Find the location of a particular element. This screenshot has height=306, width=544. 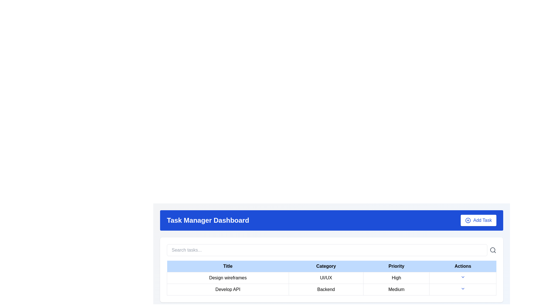

the 'Category' column header, which is the second item in a horizontal list of four column headers: 'Title', 'Category', 'Priority', and 'Actions' is located at coordinates (326, 266).